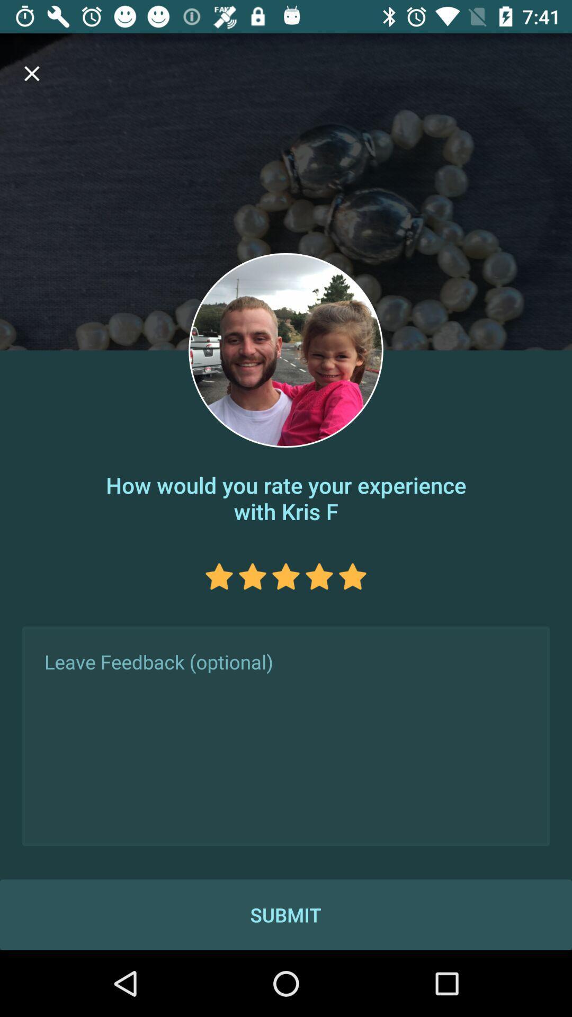 Image resolution: width=572 pixels, height=1017 pixels. What do you see at coordinates (353, 576) in the screenshot?
I see `the star icon` at bounding box center [353, 576].